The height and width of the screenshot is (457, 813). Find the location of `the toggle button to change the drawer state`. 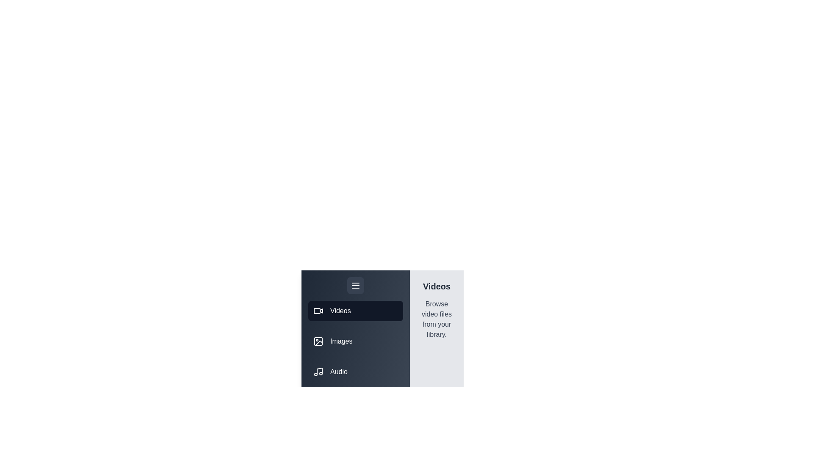

the toggle button to change the drawer state is located at coordinates (356, 286).